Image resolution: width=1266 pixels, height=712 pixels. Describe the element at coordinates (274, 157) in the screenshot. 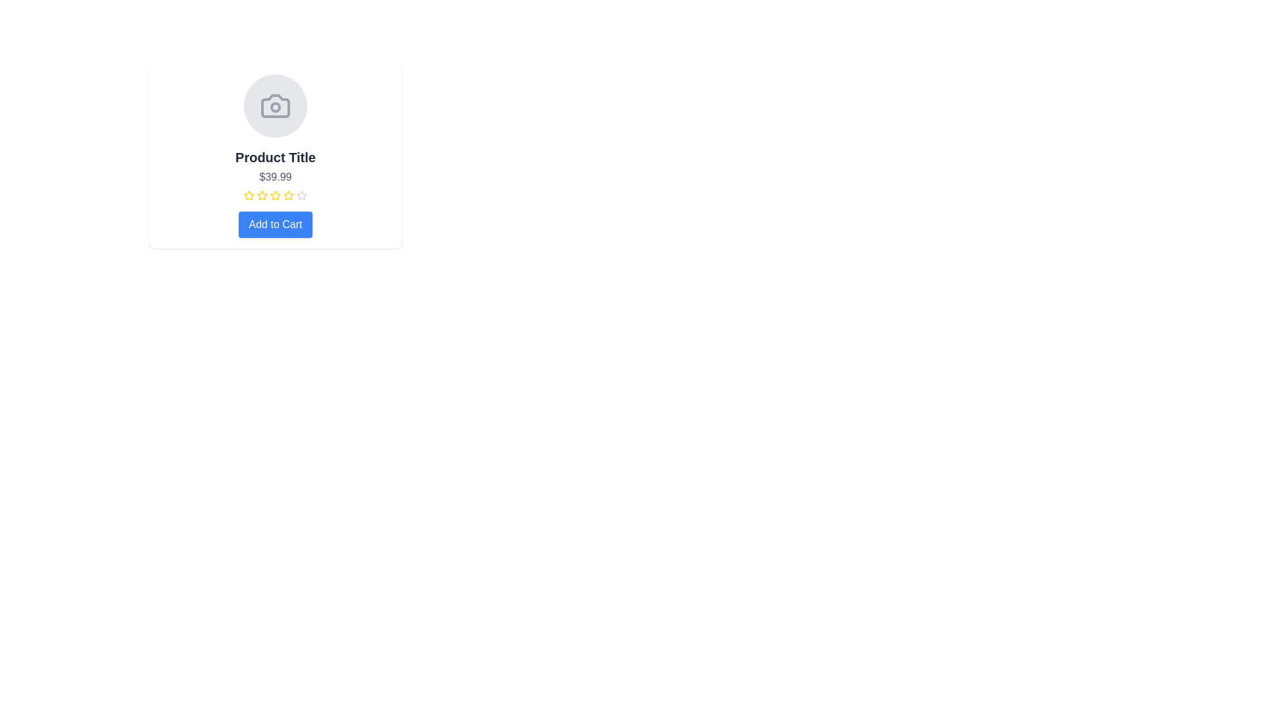

I see `title text label located below the circular thumbnail image and above the product price text ('$39.99') in the upper-central area of the layout` at that location.